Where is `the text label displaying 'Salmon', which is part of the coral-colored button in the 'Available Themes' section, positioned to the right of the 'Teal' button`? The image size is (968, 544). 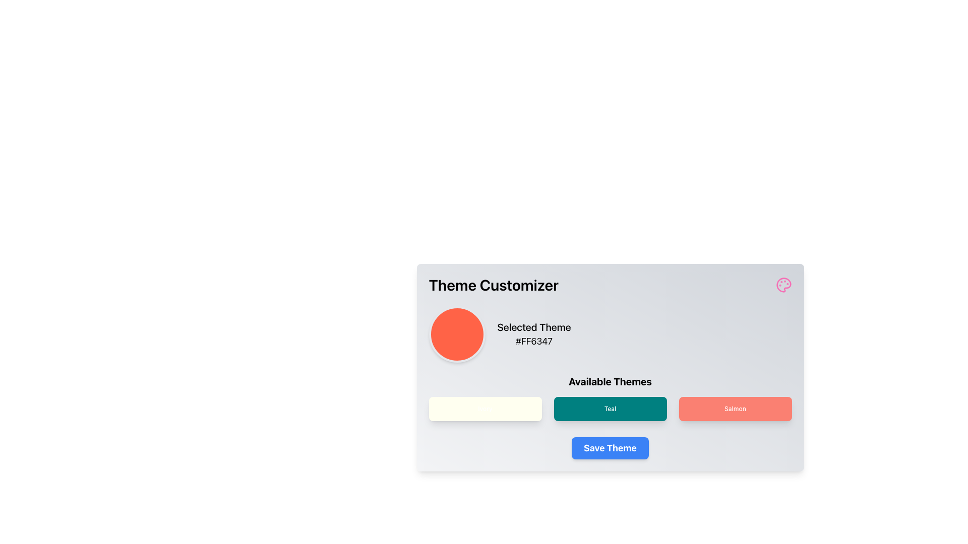
the text label displaying 'Salmon', which is part of the coral-colored button in the 'Available Themes' section, positioned to the right of the 'Teal' button is located at coordinates (735, 409).